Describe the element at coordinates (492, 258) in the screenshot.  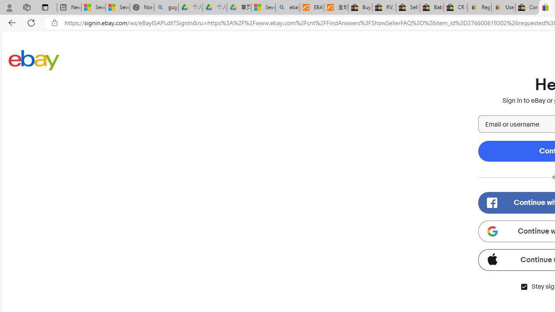
I see `'Class: apple-icon'` at that location.